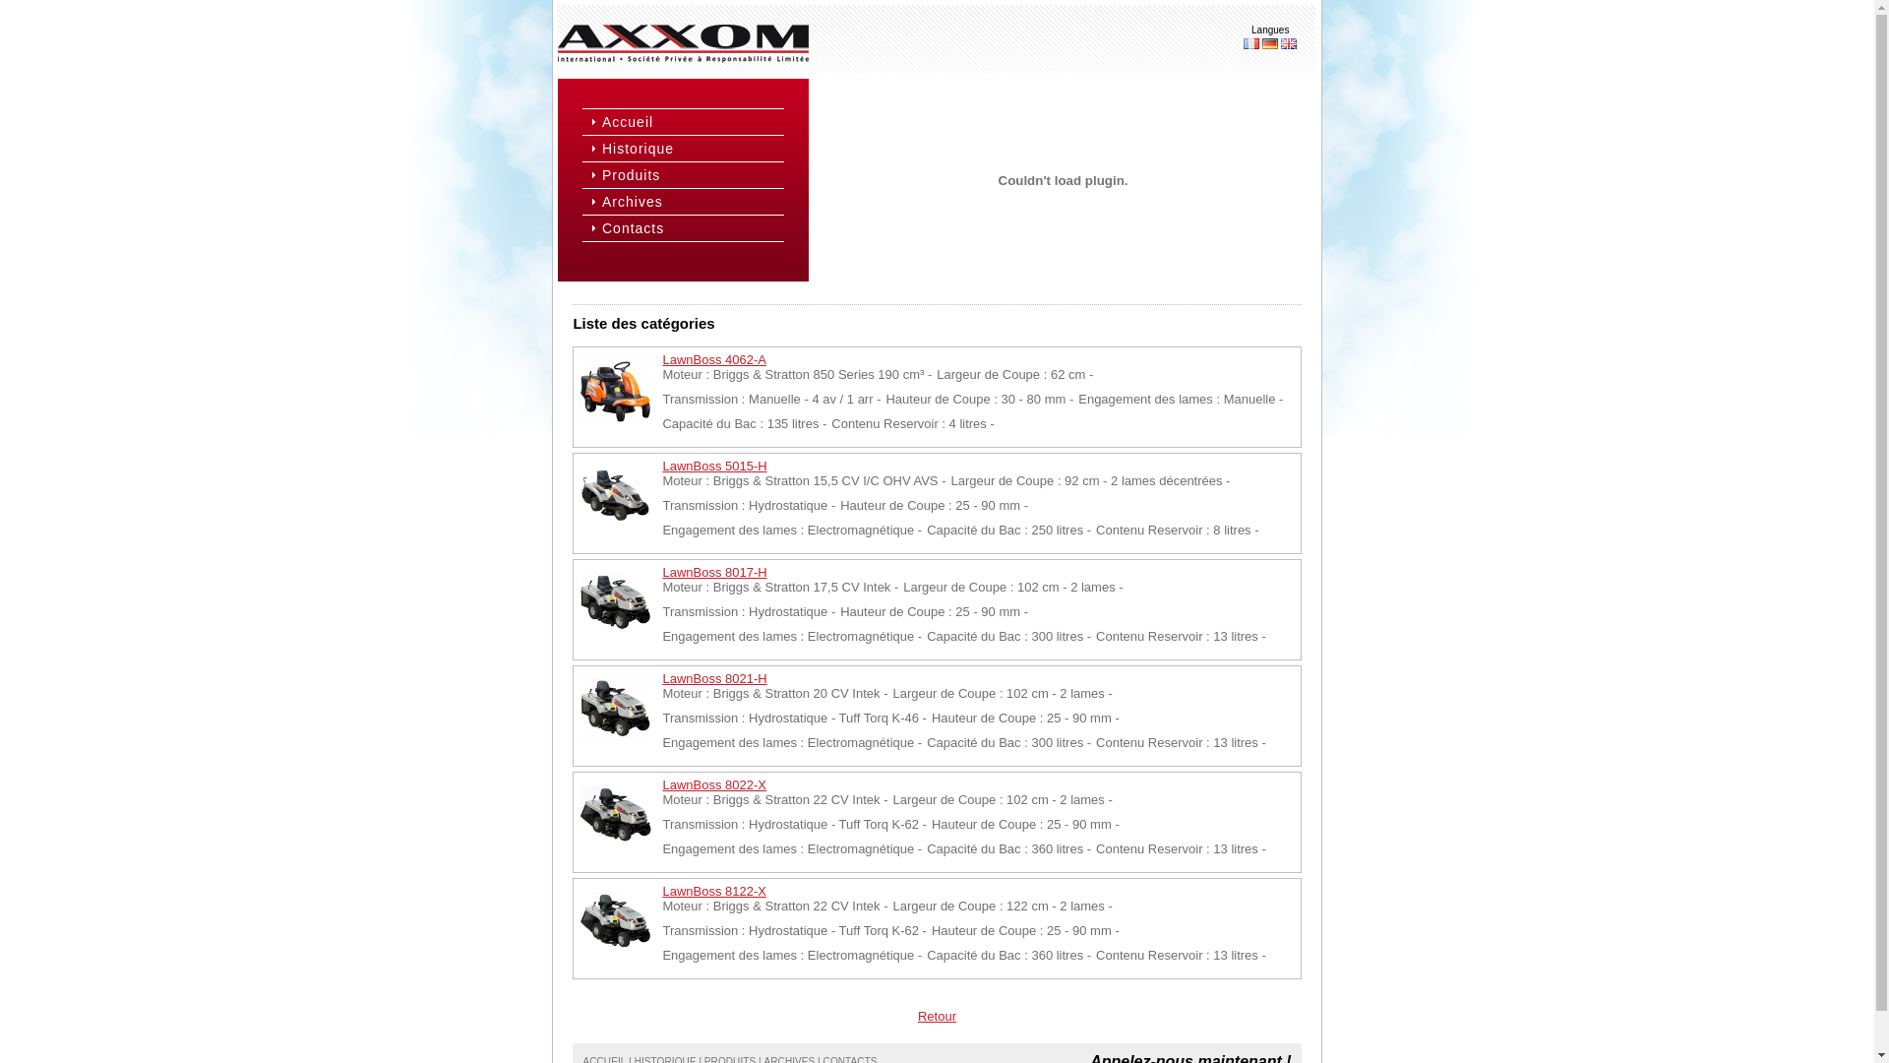 The height and width of the screenshot is (1063, 1889). What do you see at coordinates (712, 677) in the screenshot?
I see `'LawnBoss 8021-H'` at bounding box center [712, 677].